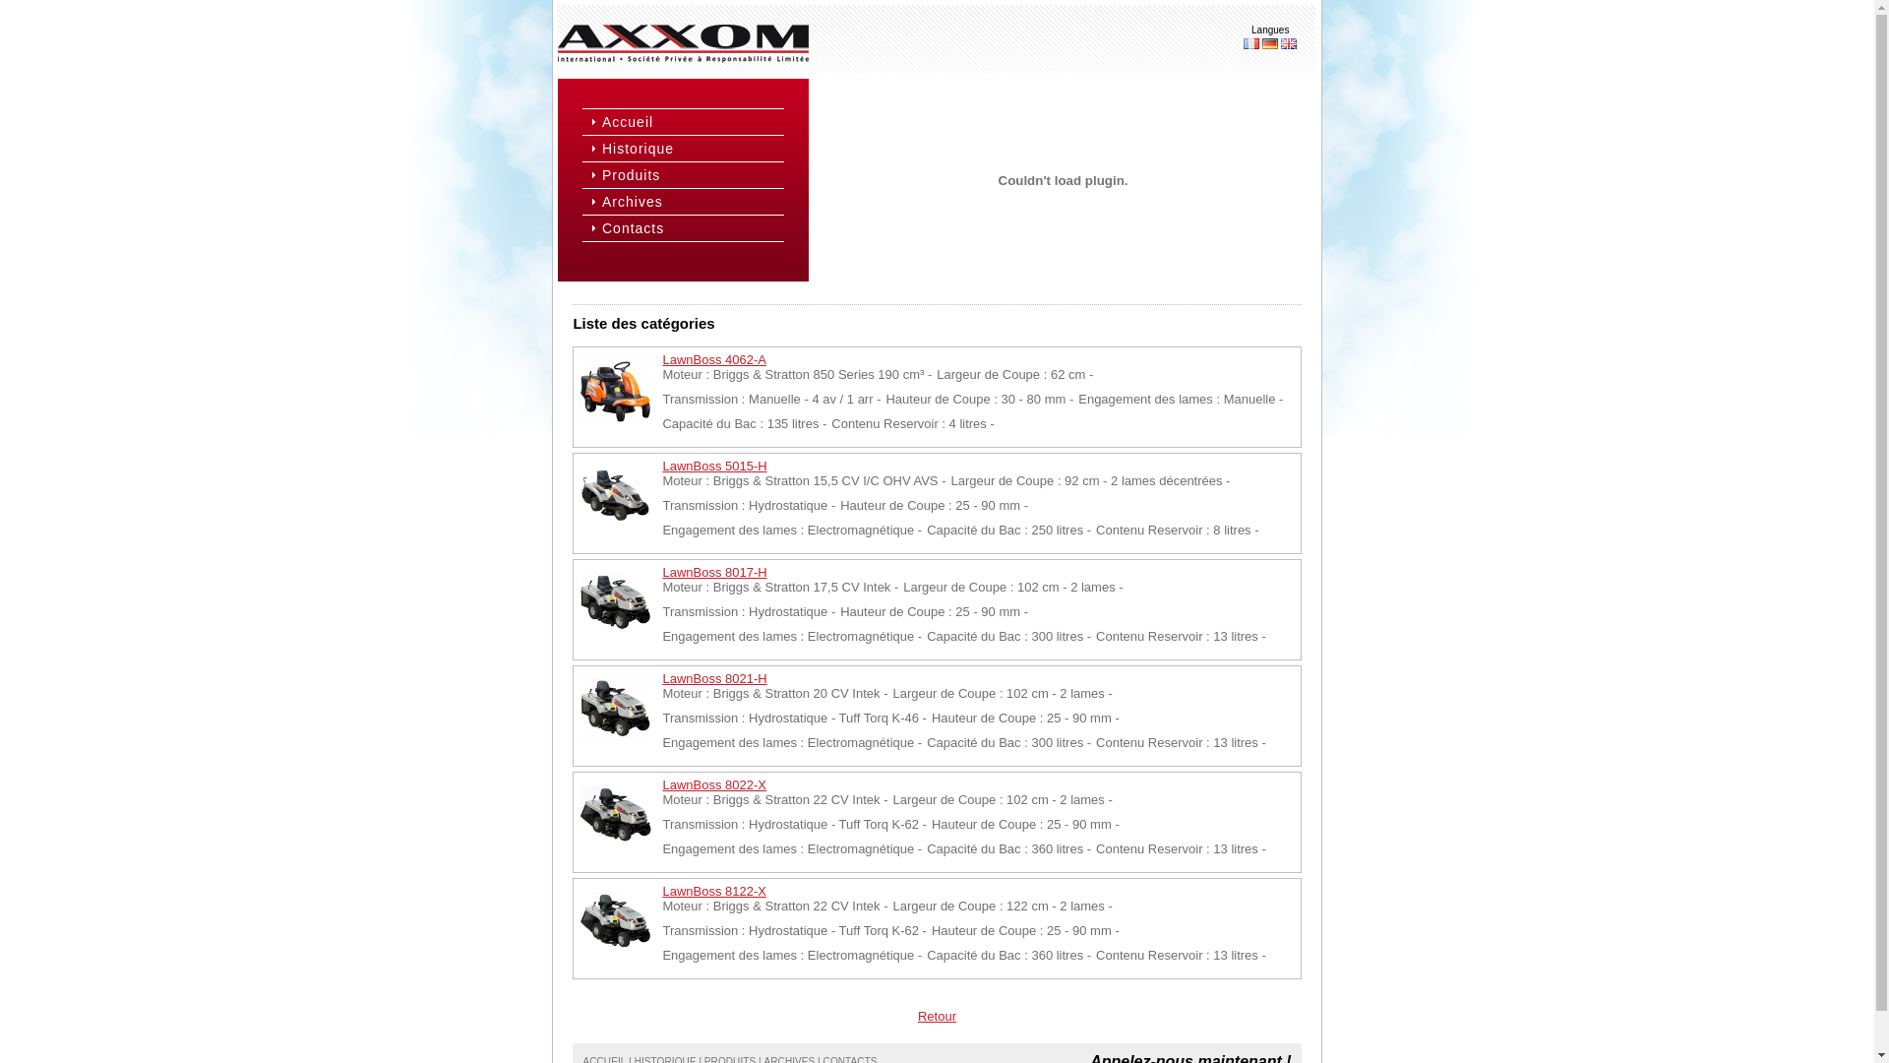 The height and width of the screenshot is (1063, 1889). What do you see at coordinates (712, 677) in the screenshot?
I see `'LawnBoss 8021-H'` at bounding box center [712, 677].